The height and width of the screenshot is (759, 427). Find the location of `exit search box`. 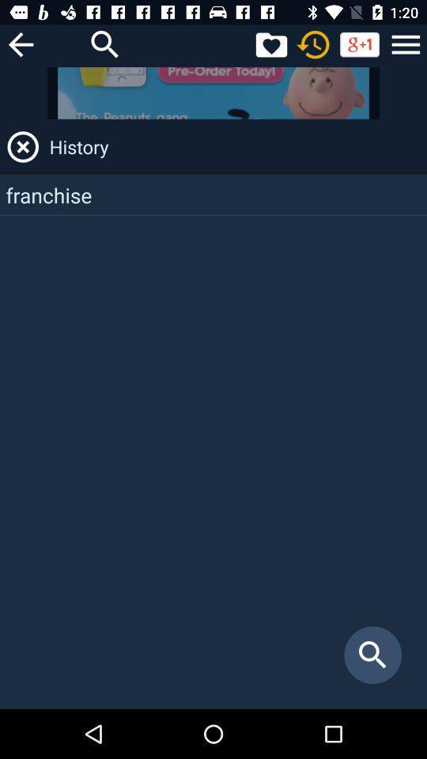

exit search box is located at coordinates (22, 146).